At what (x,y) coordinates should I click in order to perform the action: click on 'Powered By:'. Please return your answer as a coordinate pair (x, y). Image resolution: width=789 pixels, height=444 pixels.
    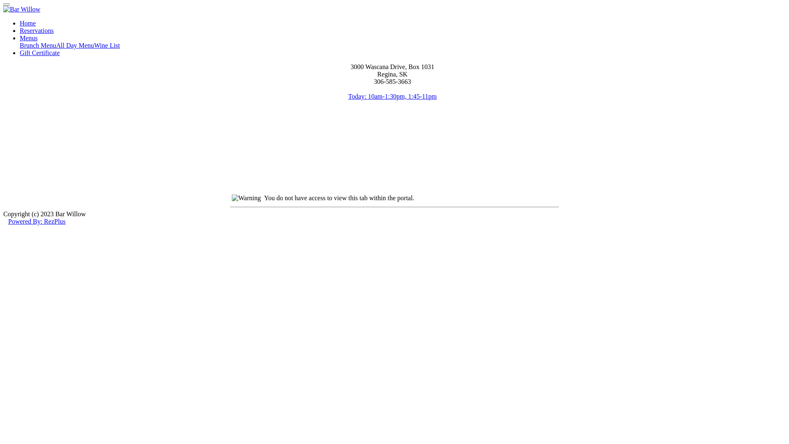
    Looking at the image, I should click on (26, 221).